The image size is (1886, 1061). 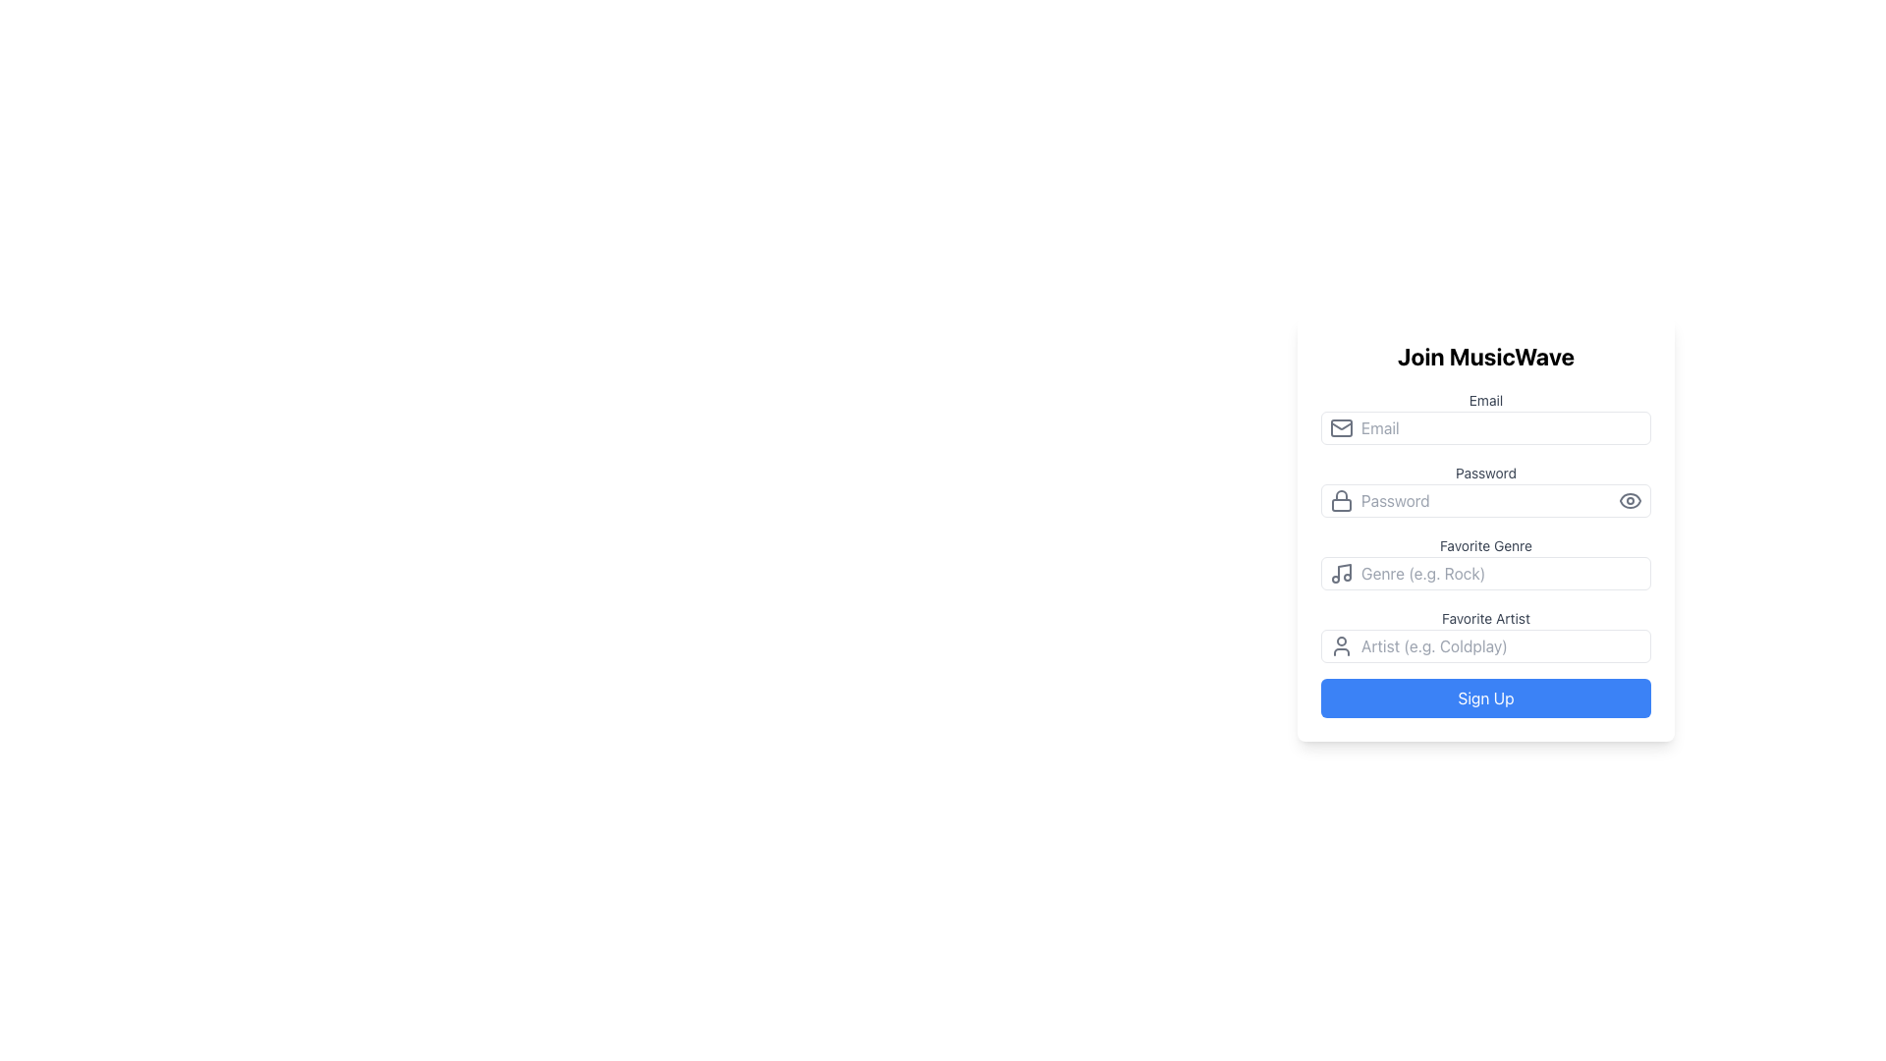 What do you see at coordinates (1485, 553) in the screenshot?
I see `the 'Favorite Genre' label to refocus the associated text input field below it` at bounding box center [1485, 553].